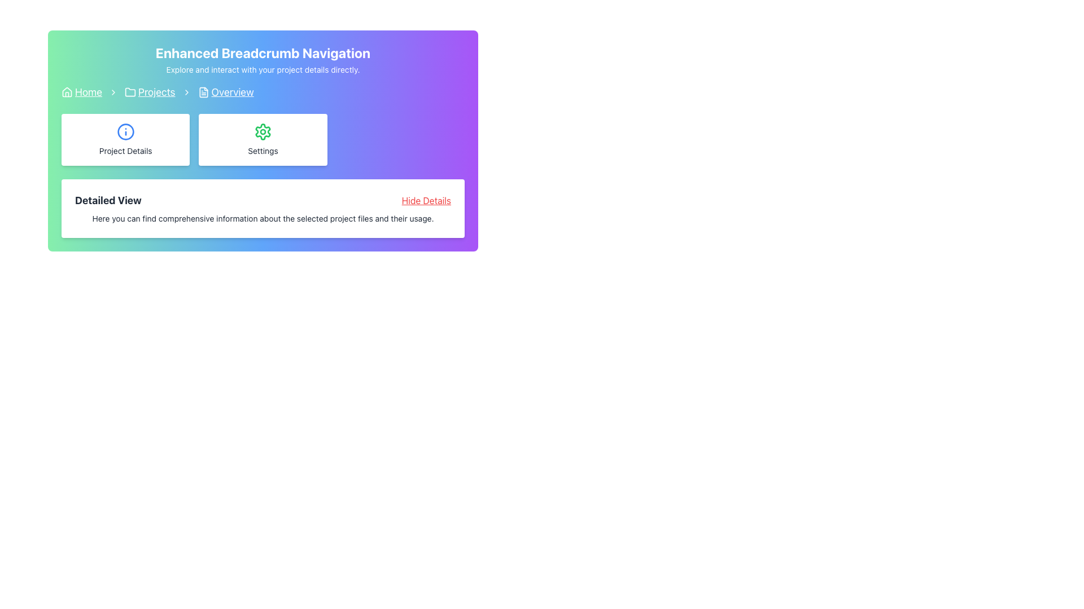 This screenshot has height=609, width=1084. I want to click on the breadcrumb navigation icon that indicates the transition between 'Projects' and 'Overview', which is the third arrow in the sequence after 'Home', so click(186, 92).